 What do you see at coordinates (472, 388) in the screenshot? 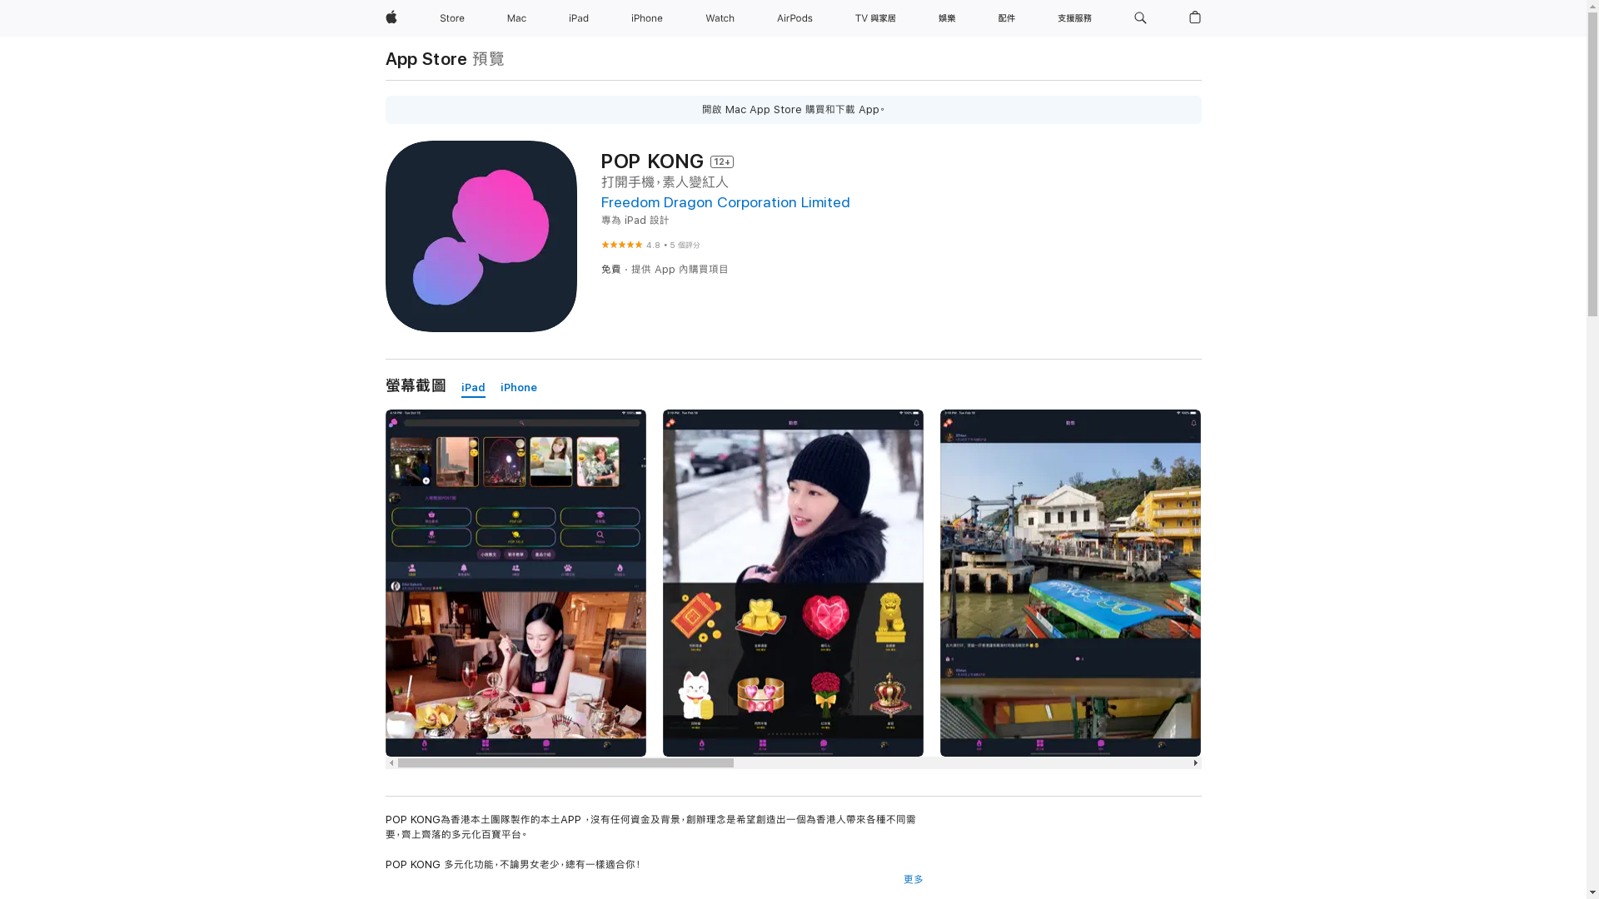
I see `'iPad'` at bounding box center [472, 388].